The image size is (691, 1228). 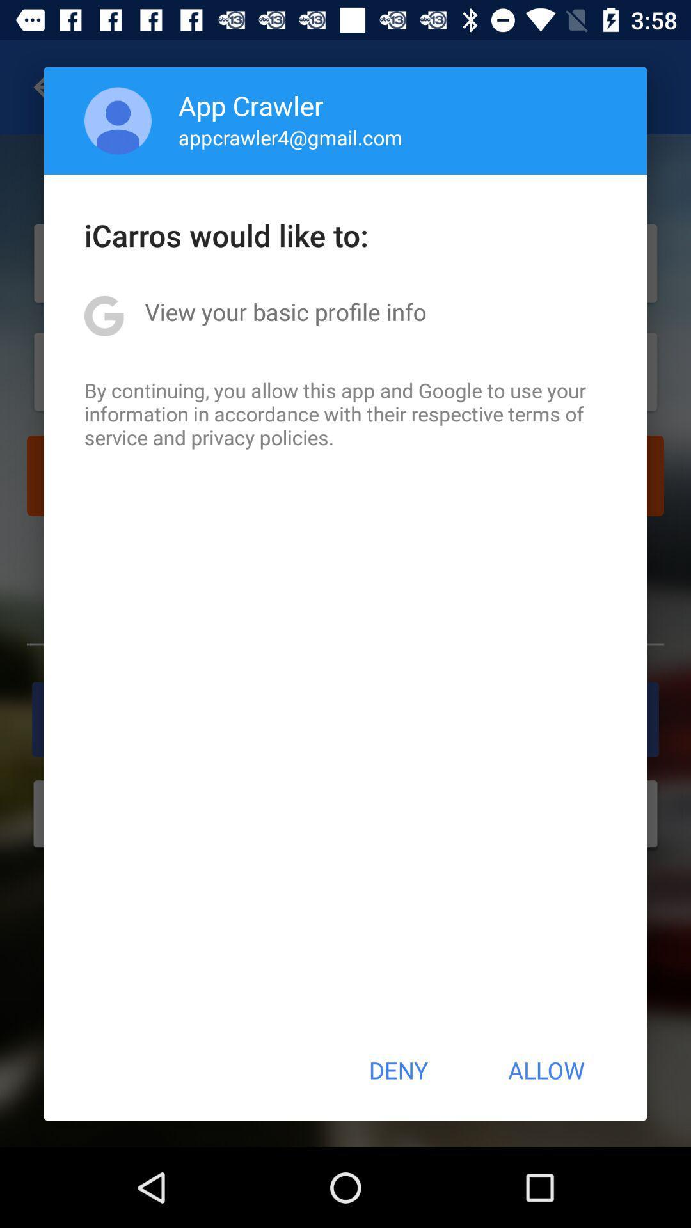 What do you see at coordinates (397, 1070) in the screenshot?
I see `the icon next to allow button` at bounding box center [397, 1070].